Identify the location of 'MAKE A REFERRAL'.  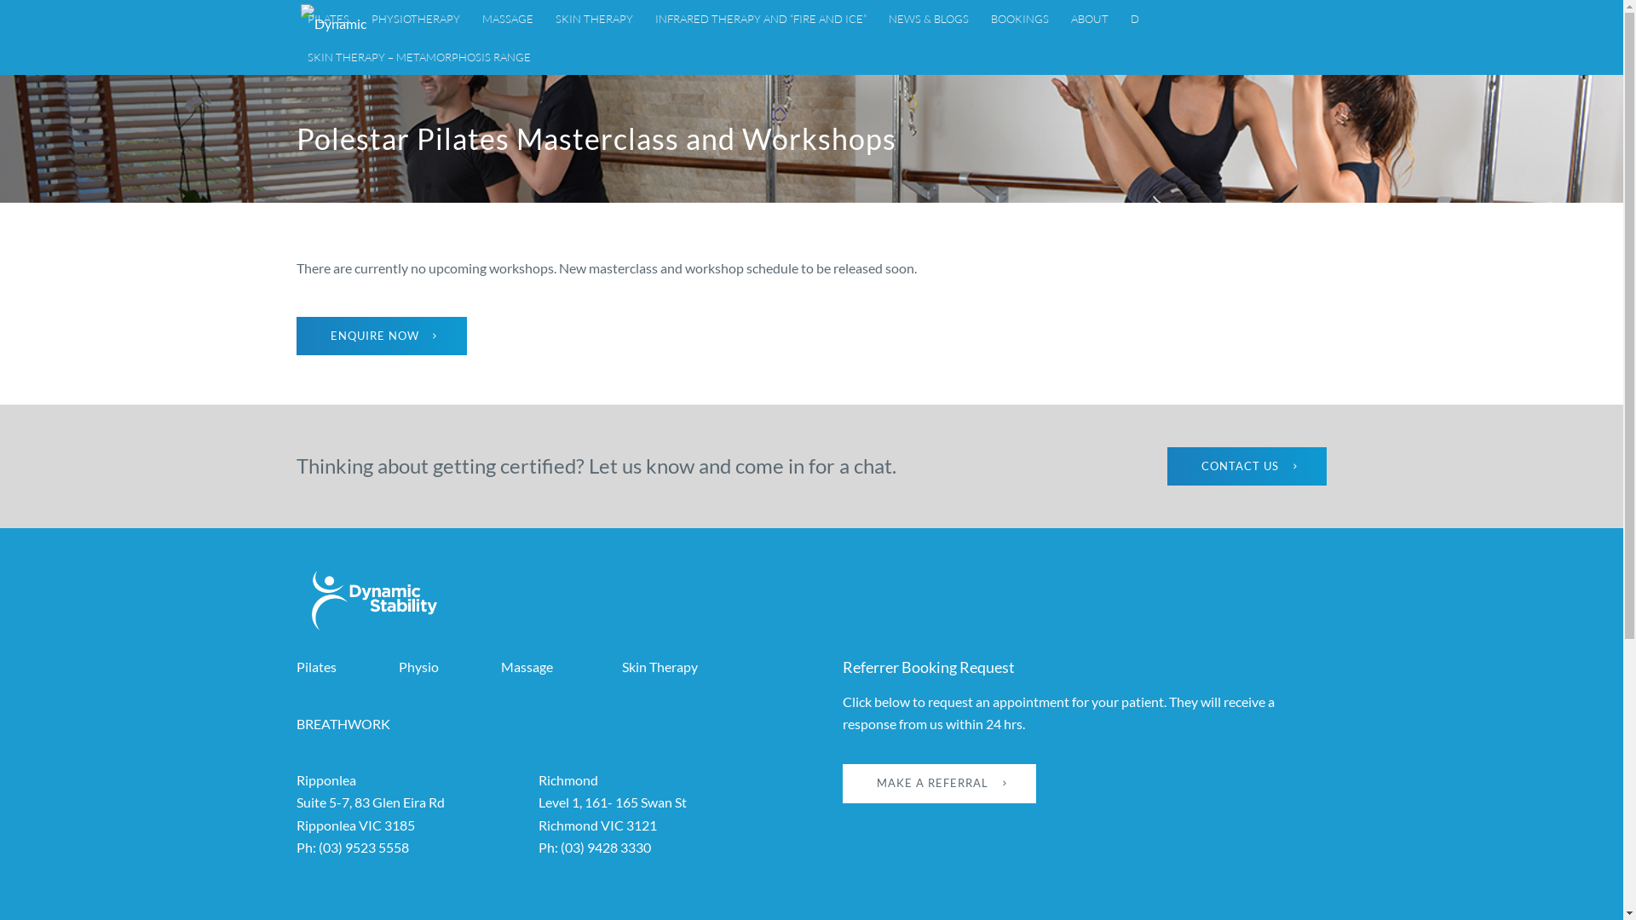
(842, 784).